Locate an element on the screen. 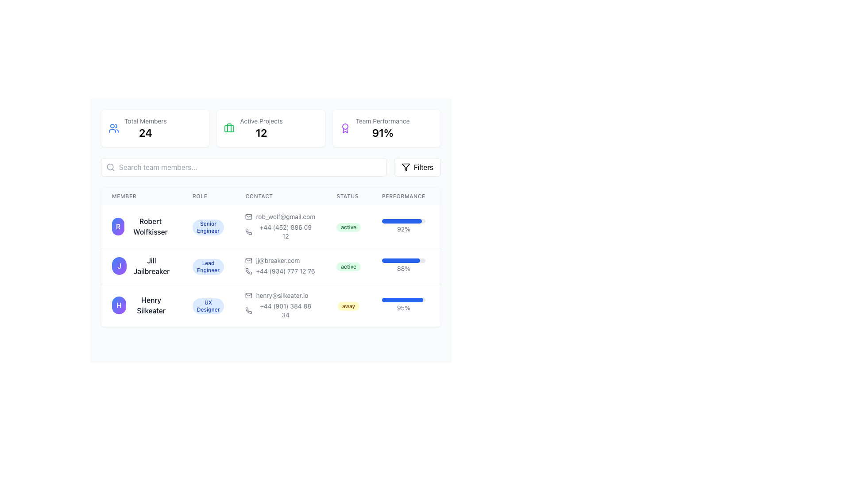 This screenshot has width=850, height=478. the phone icon located in the Contact details section for Jill Jailbreaker, which is in the second row of the table between the ROLE and STATUS columns is located at coordinates (292, 257).